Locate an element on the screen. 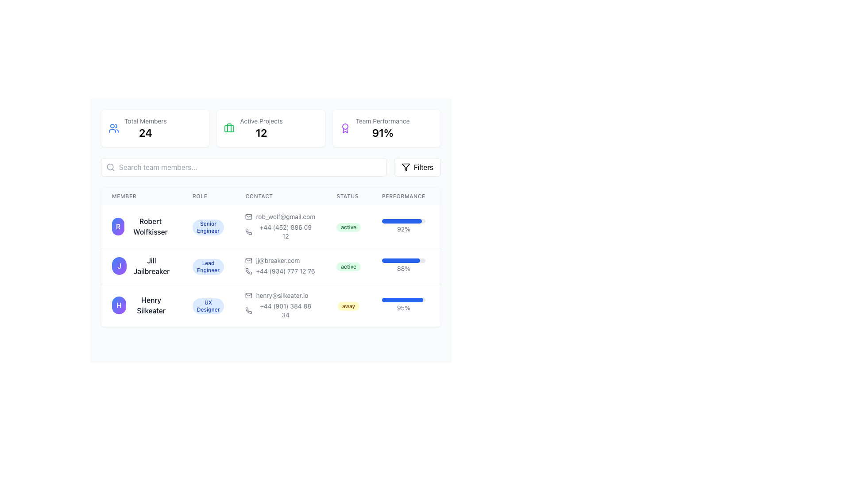 This screenshot has width=850, height=478. the phone icon located in the Contact details section for Jill Jailbreaker, which is in the second row of the table between the ROLE and STATUS columns is located at coordinates (292, 257).